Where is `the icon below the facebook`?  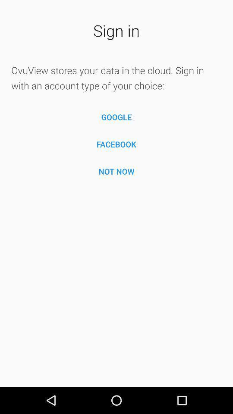 the icon below the facebook is located at coordinates (116, 171).